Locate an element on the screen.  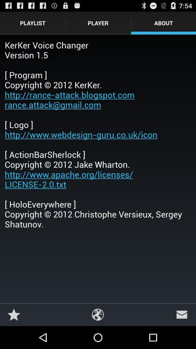
icon at the center is located at coordinates (98, 134).